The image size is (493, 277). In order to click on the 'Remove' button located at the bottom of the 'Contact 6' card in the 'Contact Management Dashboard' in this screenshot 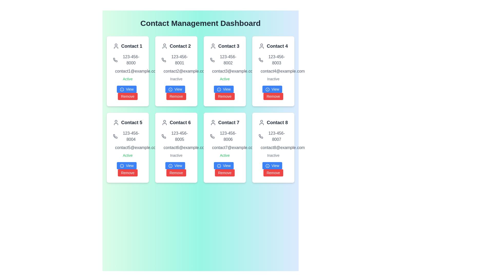, I will do `click(176, 169)`.